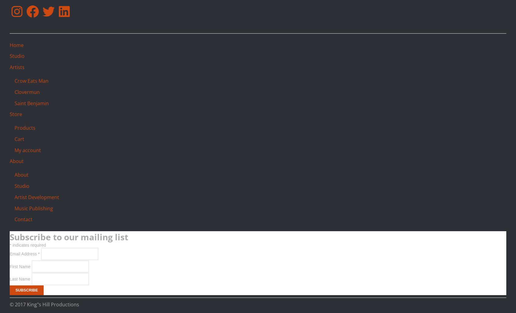 Image resolution: width=516 pixels, height=313 pixels. I want to click on 'Clovermun', so click(27, 91).